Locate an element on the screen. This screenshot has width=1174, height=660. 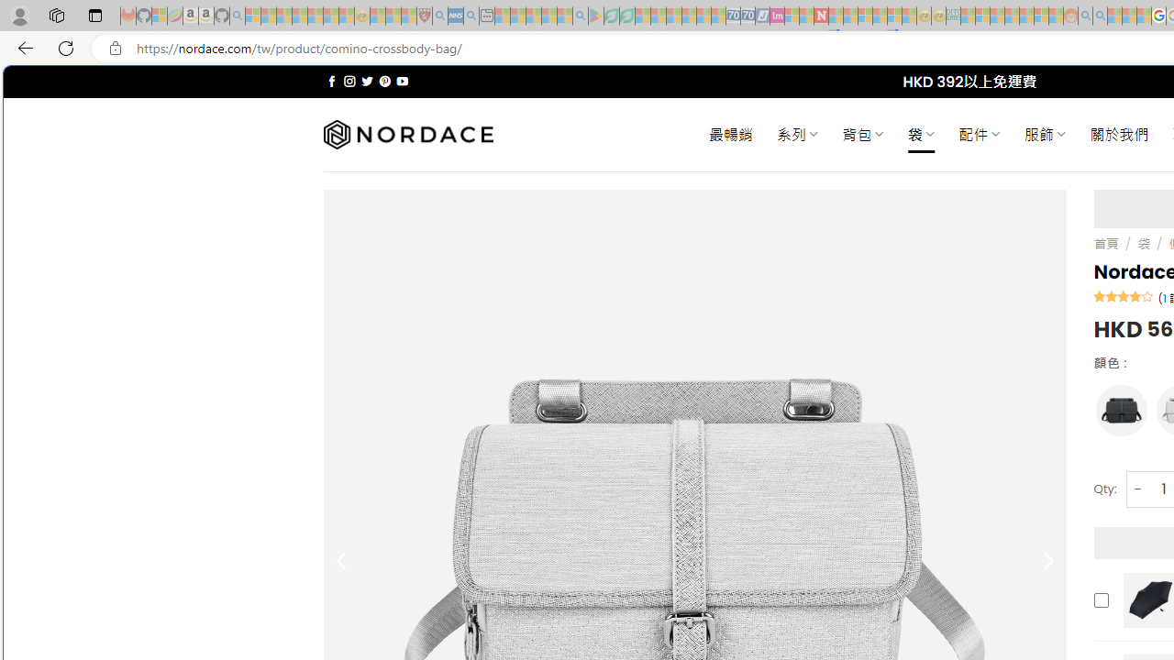
'google - Search - Sleeping' is located at coordinates (579, 16).